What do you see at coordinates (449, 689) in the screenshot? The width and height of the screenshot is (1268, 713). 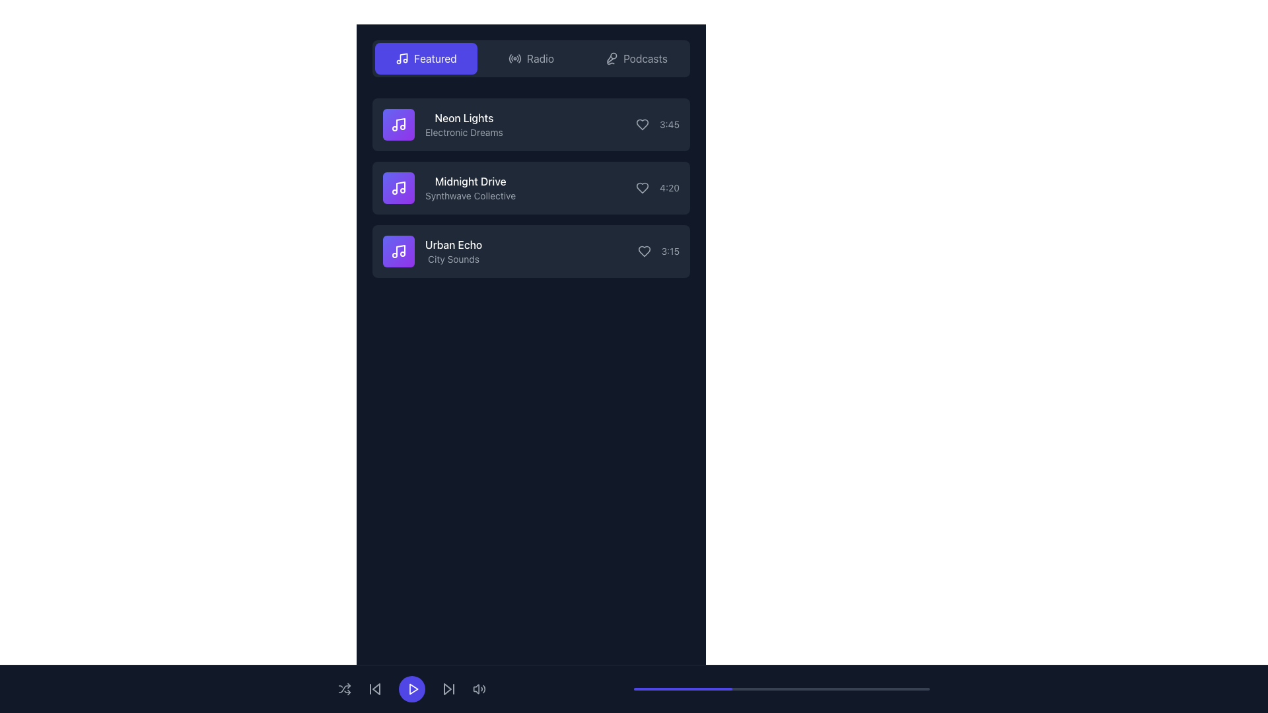 I see `the fourth button in the bottom navigation bar of the media player interface to skip to the next track` at bounding box center [449, 689].